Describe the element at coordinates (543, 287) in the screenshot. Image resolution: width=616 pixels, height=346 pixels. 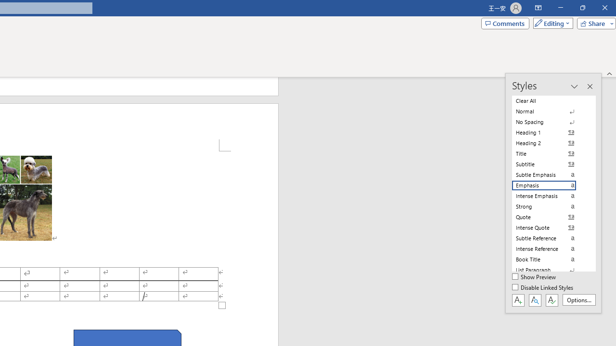
I see `'Disable Linked Styles'` at that location.